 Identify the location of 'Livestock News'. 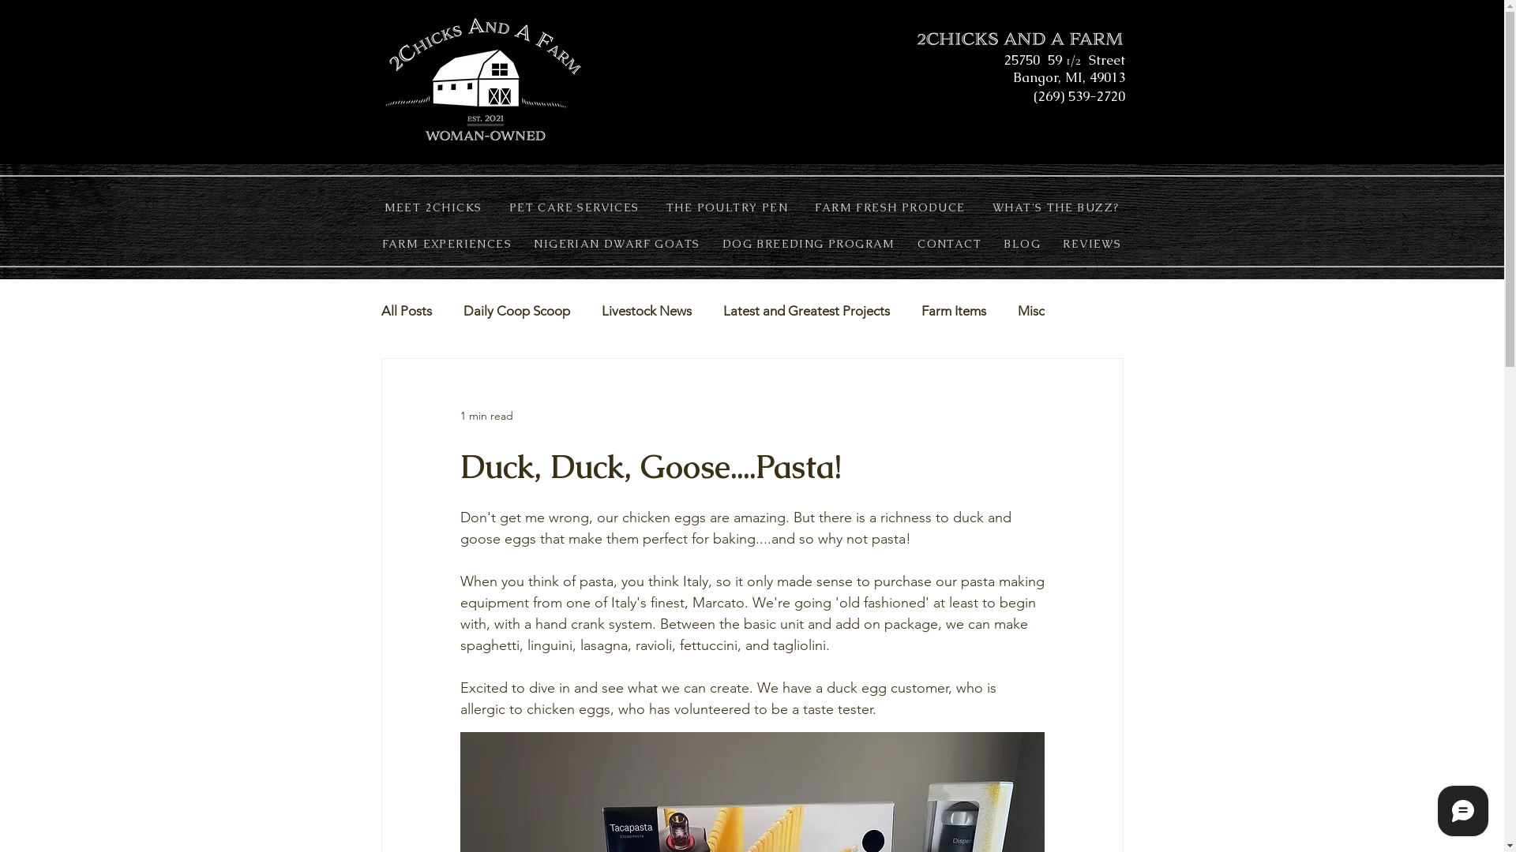
(647, 310).